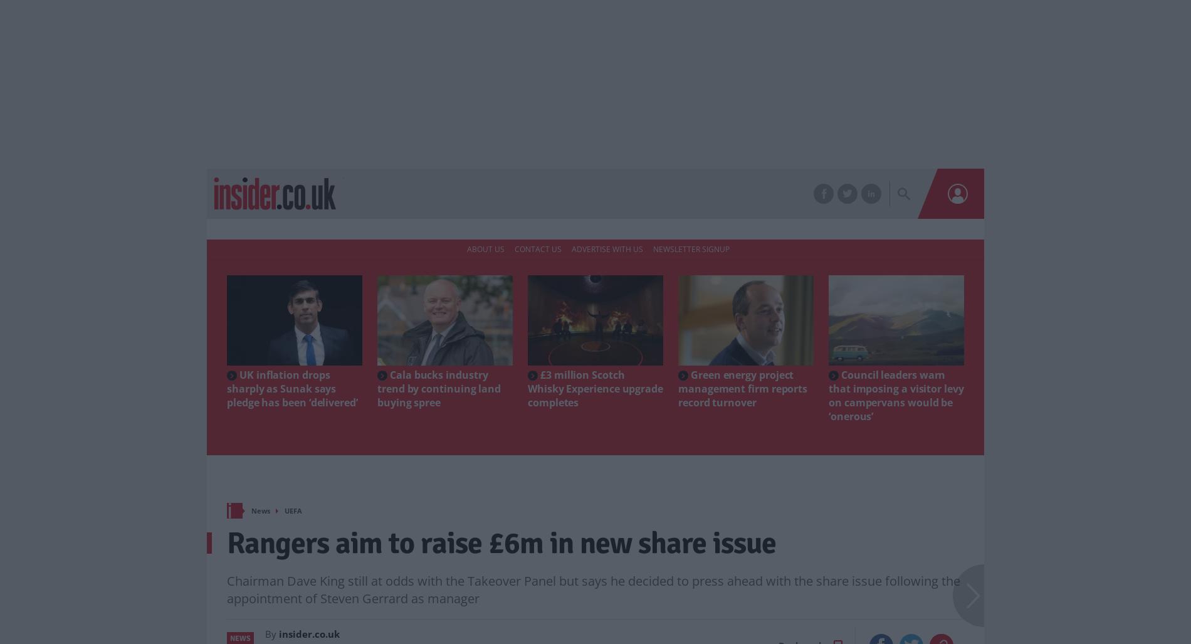  I want to click on 'businessInsider', so click(380, 173).